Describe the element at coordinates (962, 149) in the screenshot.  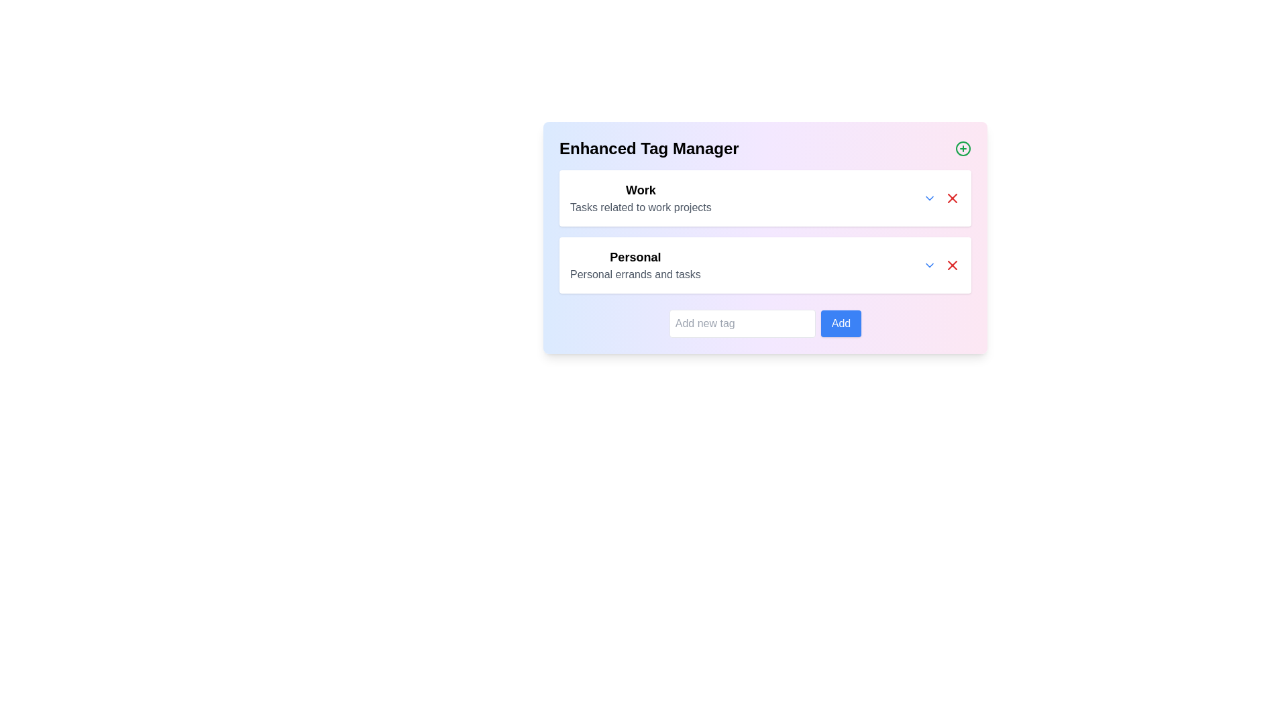
I see `the plus icon button located in the top-right corner of the 'Enhanced Tag Manager' card` at that location.